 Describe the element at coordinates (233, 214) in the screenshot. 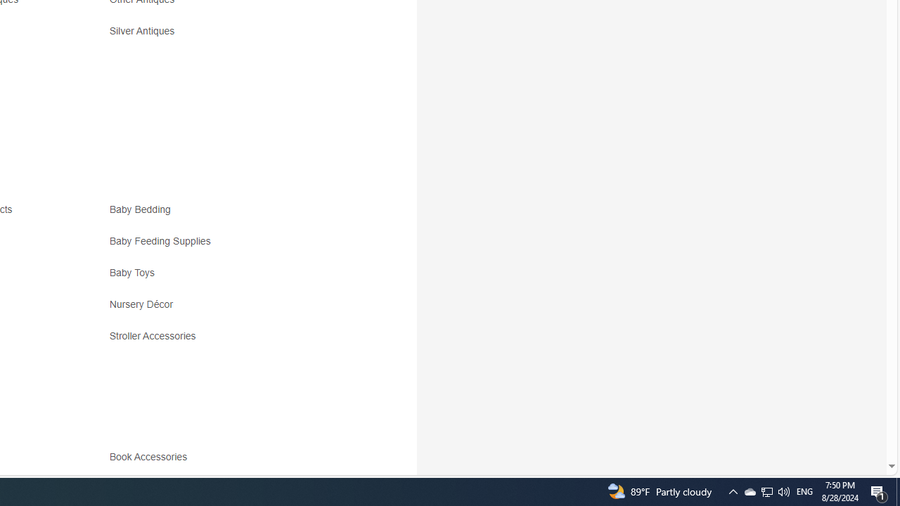

I see `'Baby Bedding'` at that location.